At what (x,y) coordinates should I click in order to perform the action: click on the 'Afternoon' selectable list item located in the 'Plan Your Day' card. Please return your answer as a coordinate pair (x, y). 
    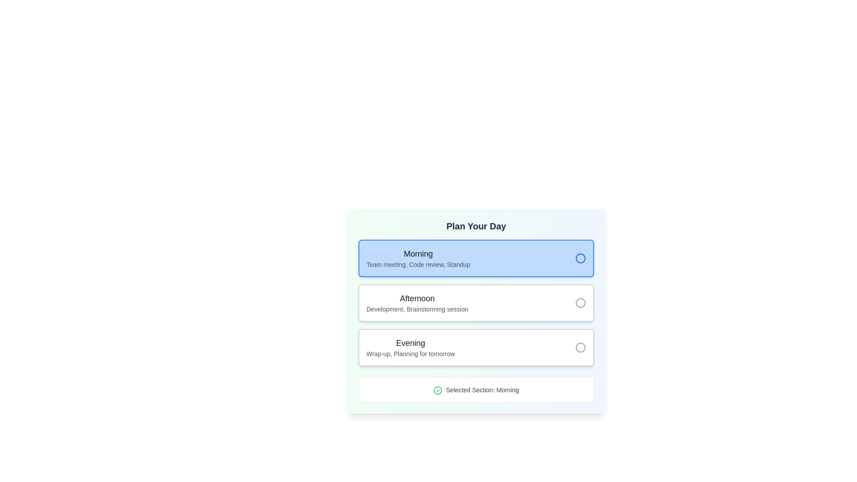
    Looking at the image, I should click on (475, 302).